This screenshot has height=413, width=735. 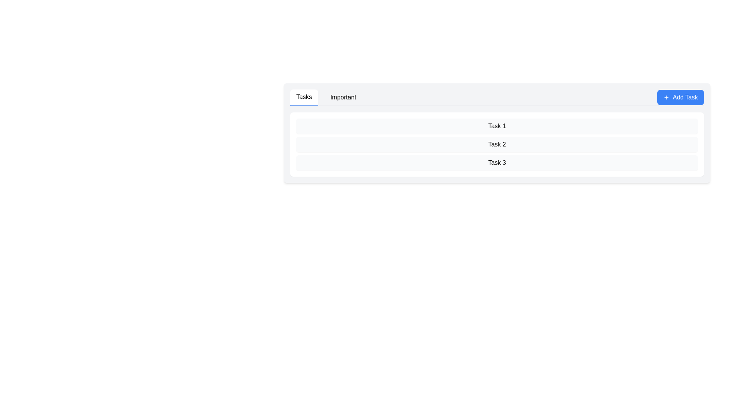 I want to click on the Text Label with the text 'Task 2', which is a rectangular section with a light gray background and rounded corners, positioned in the middle of a vertical list of task items, so click(x=497, y=145).